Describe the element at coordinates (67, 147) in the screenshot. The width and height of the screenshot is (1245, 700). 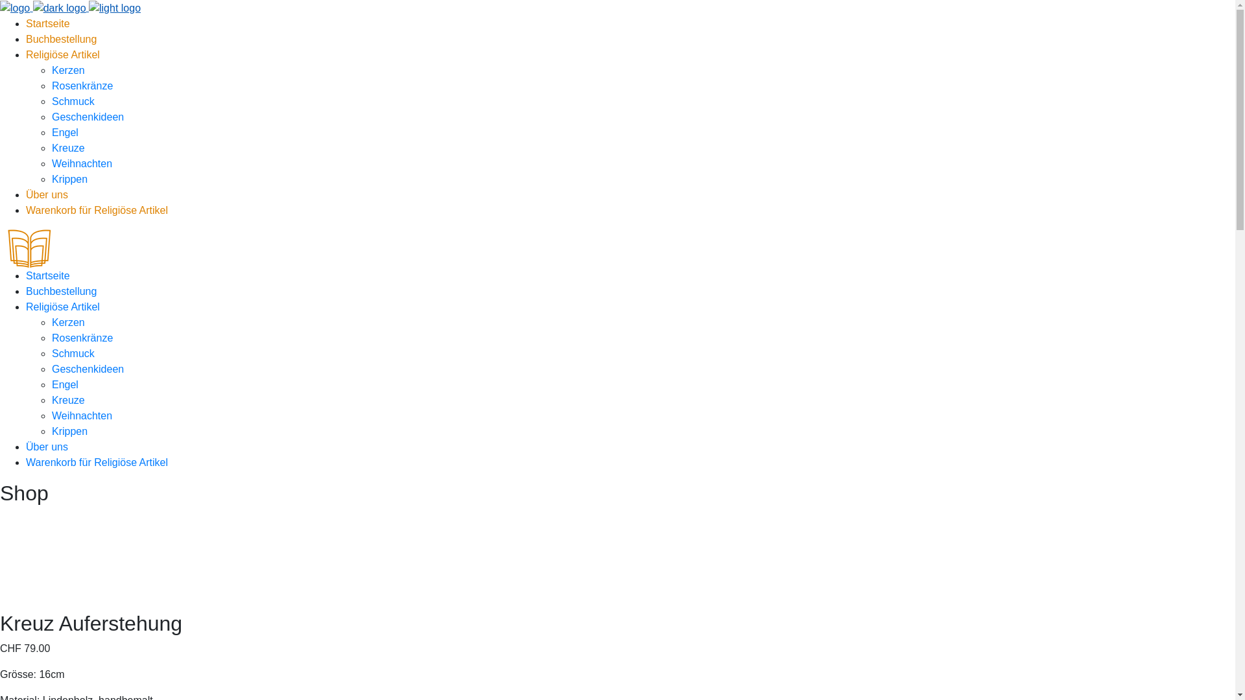
I see `'Kreuze'` at that location.